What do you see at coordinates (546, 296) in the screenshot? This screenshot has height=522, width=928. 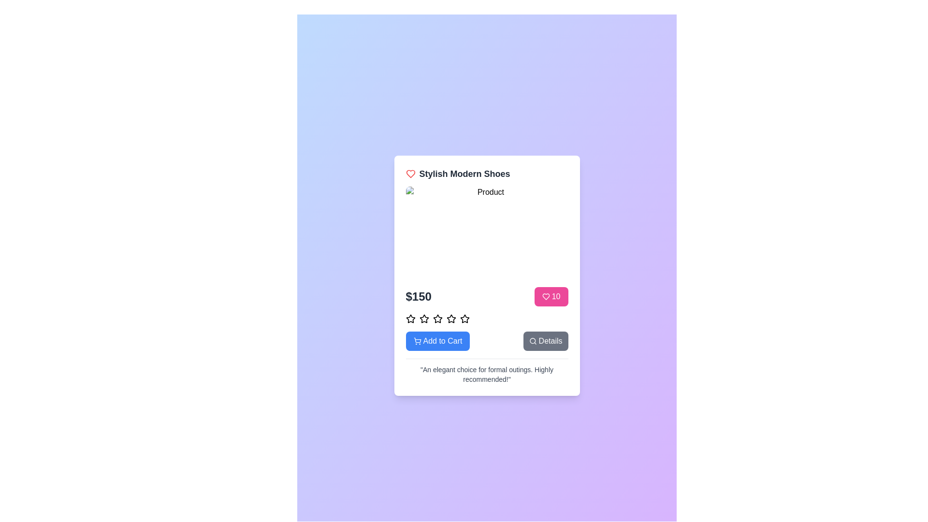 I see `the pink heart-shaped icon located at the top-left corner of the product card, just before the title 'Stylish Modern Shoes', to mark it as liked or favorite` at bounding box center [546, 296].